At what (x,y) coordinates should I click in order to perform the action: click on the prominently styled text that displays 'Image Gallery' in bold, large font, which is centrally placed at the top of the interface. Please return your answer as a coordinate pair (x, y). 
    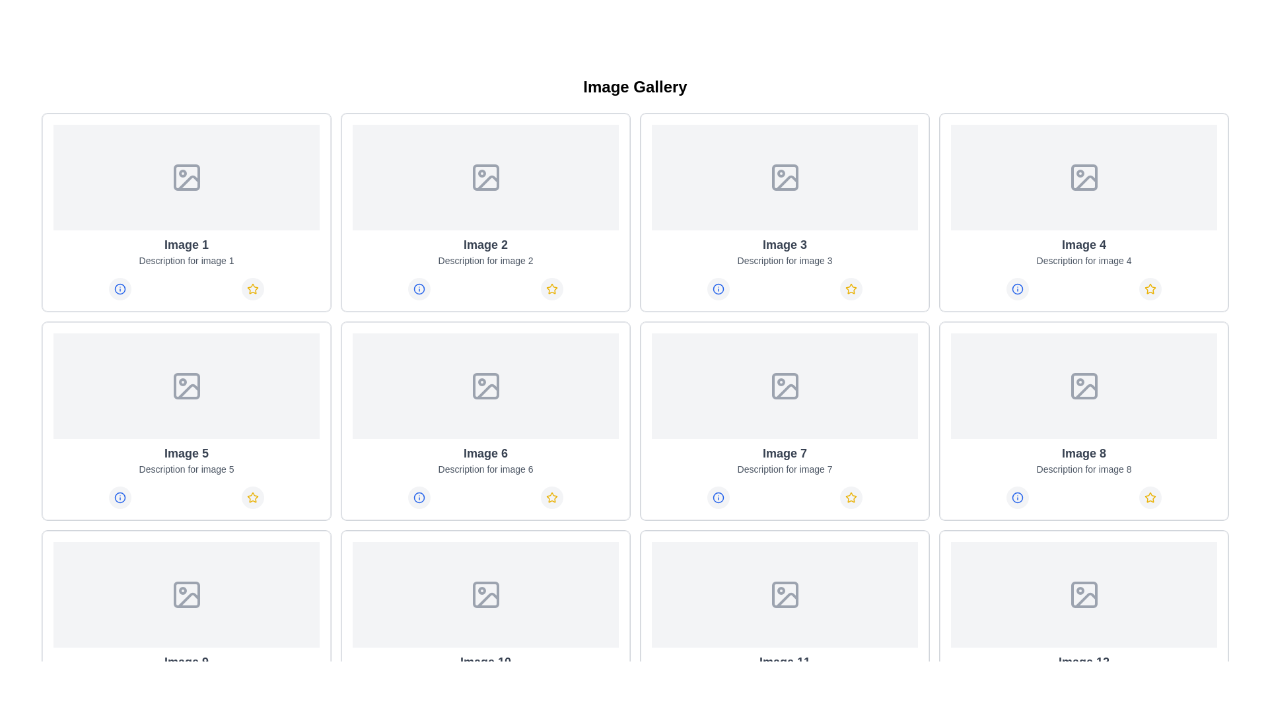
    Looking at the image, I should click on (635, 86).